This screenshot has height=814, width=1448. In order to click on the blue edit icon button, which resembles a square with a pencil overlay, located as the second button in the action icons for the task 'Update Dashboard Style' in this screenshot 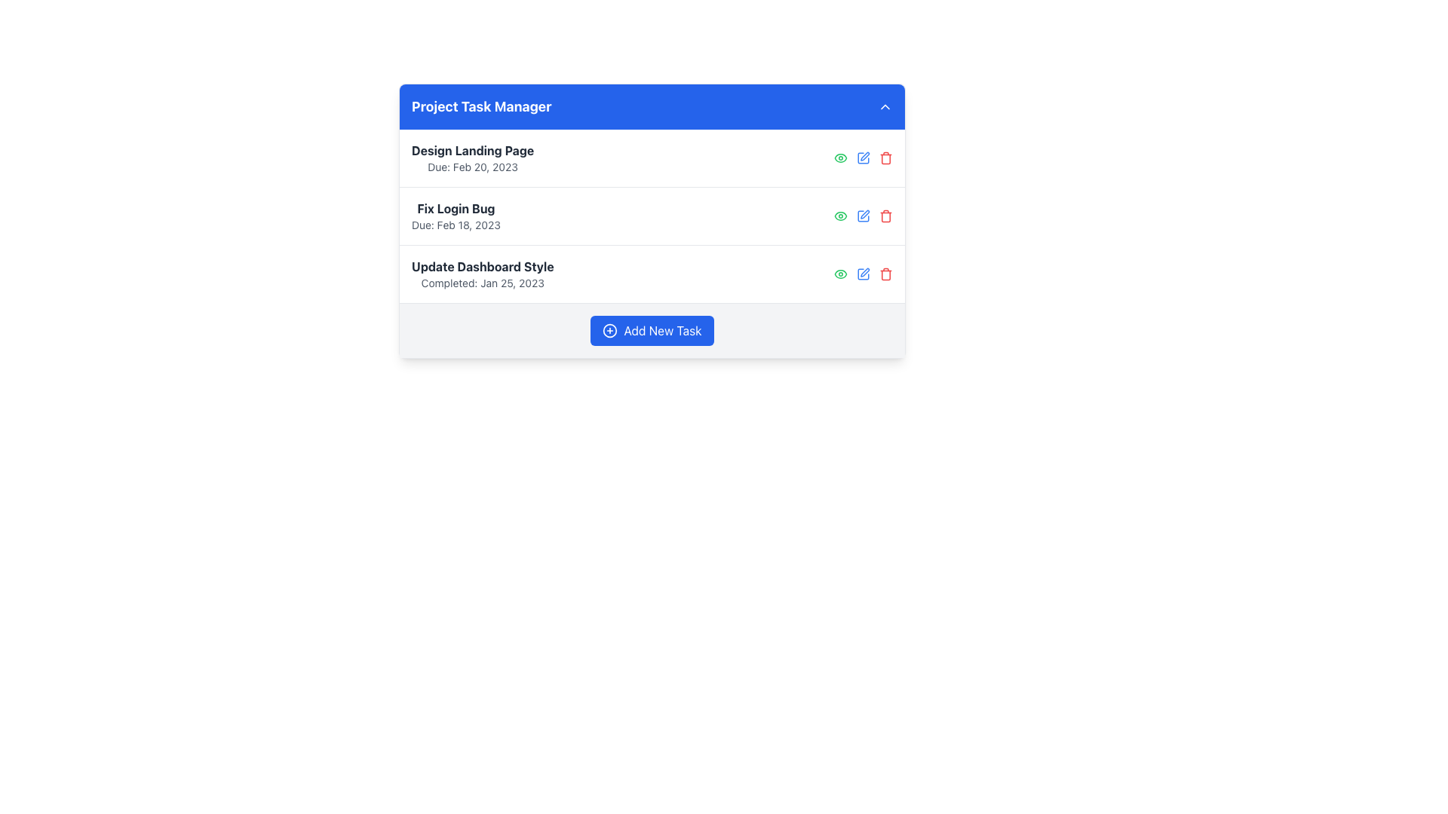, I will do `click(864, 274)`.